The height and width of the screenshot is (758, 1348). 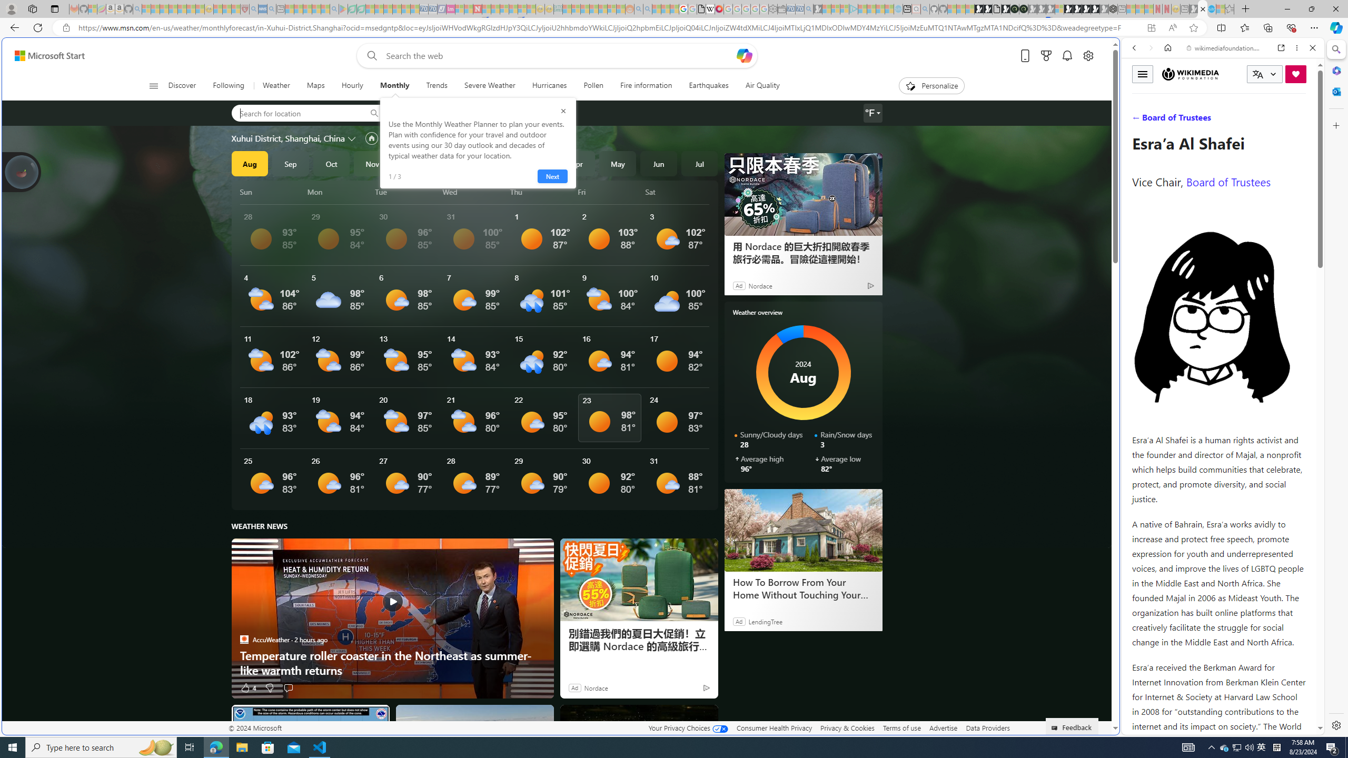 I want to click on 'Cheap Hotels - Save70.com - Sleeping', so click(x=432, y=8).